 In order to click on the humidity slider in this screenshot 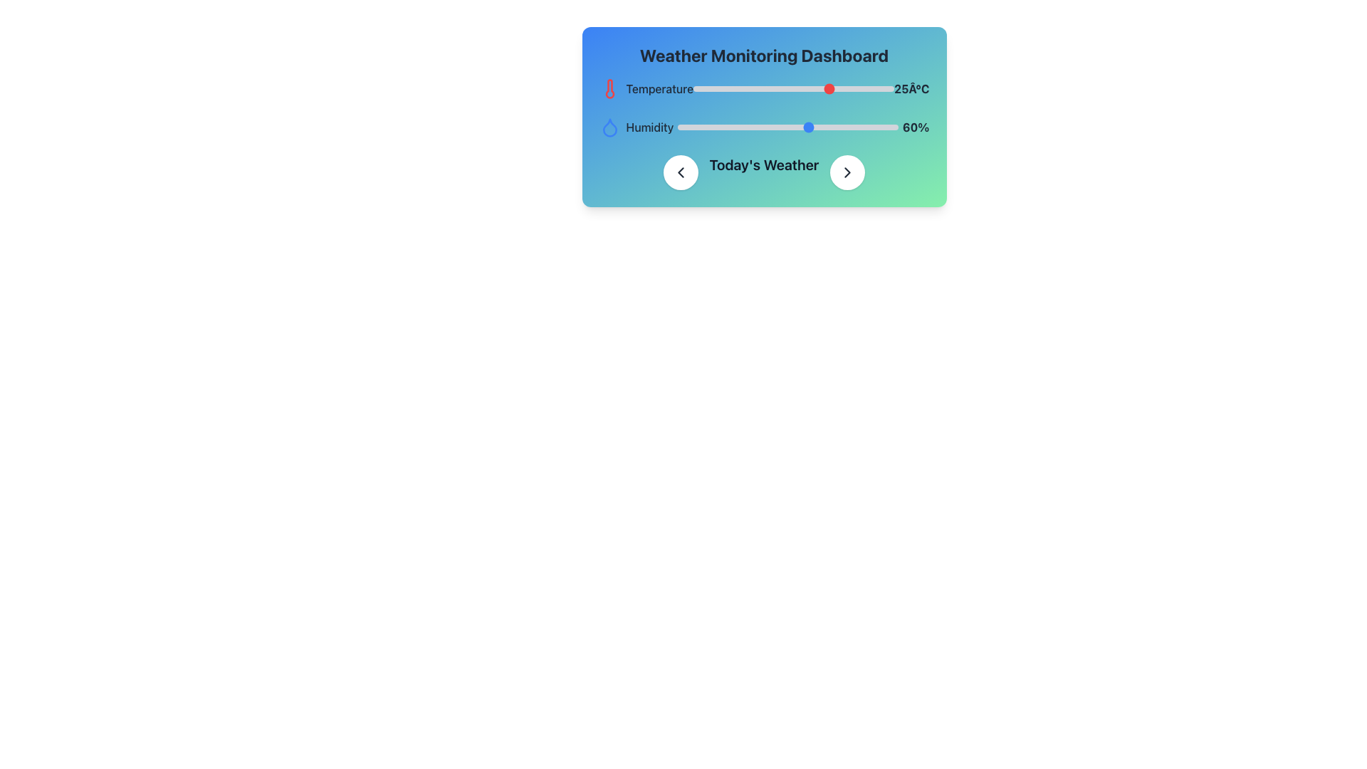, I will do `click(821, 126)`.